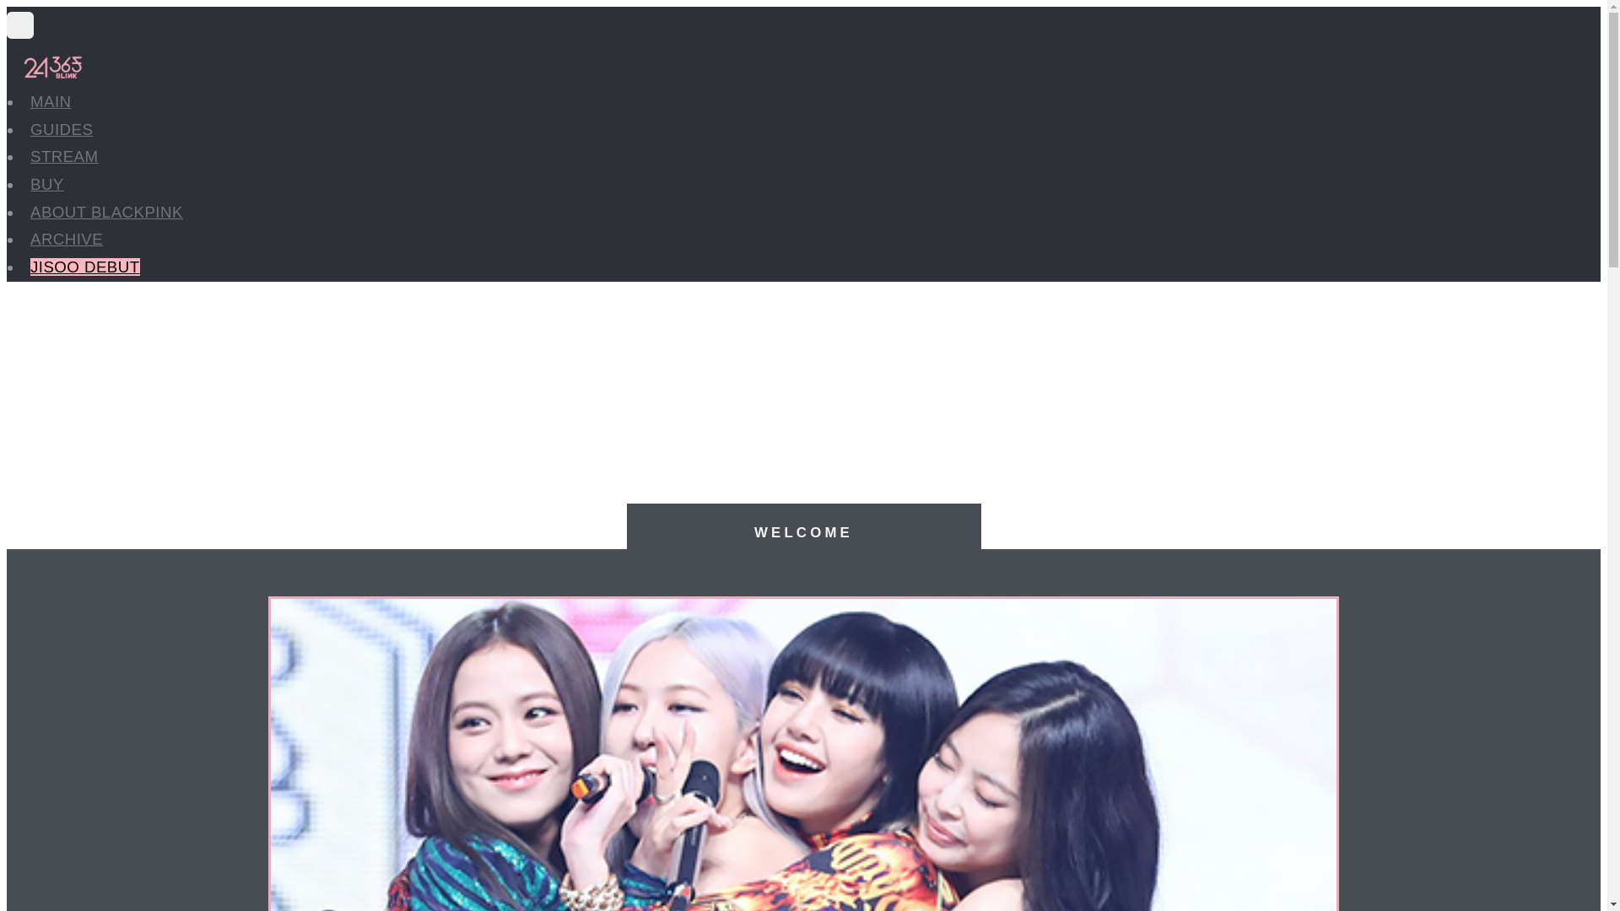  What do you see at coordinates (51, 101) in the screenshot?
I see `'MAIN'` at bounding box center [51, 101].